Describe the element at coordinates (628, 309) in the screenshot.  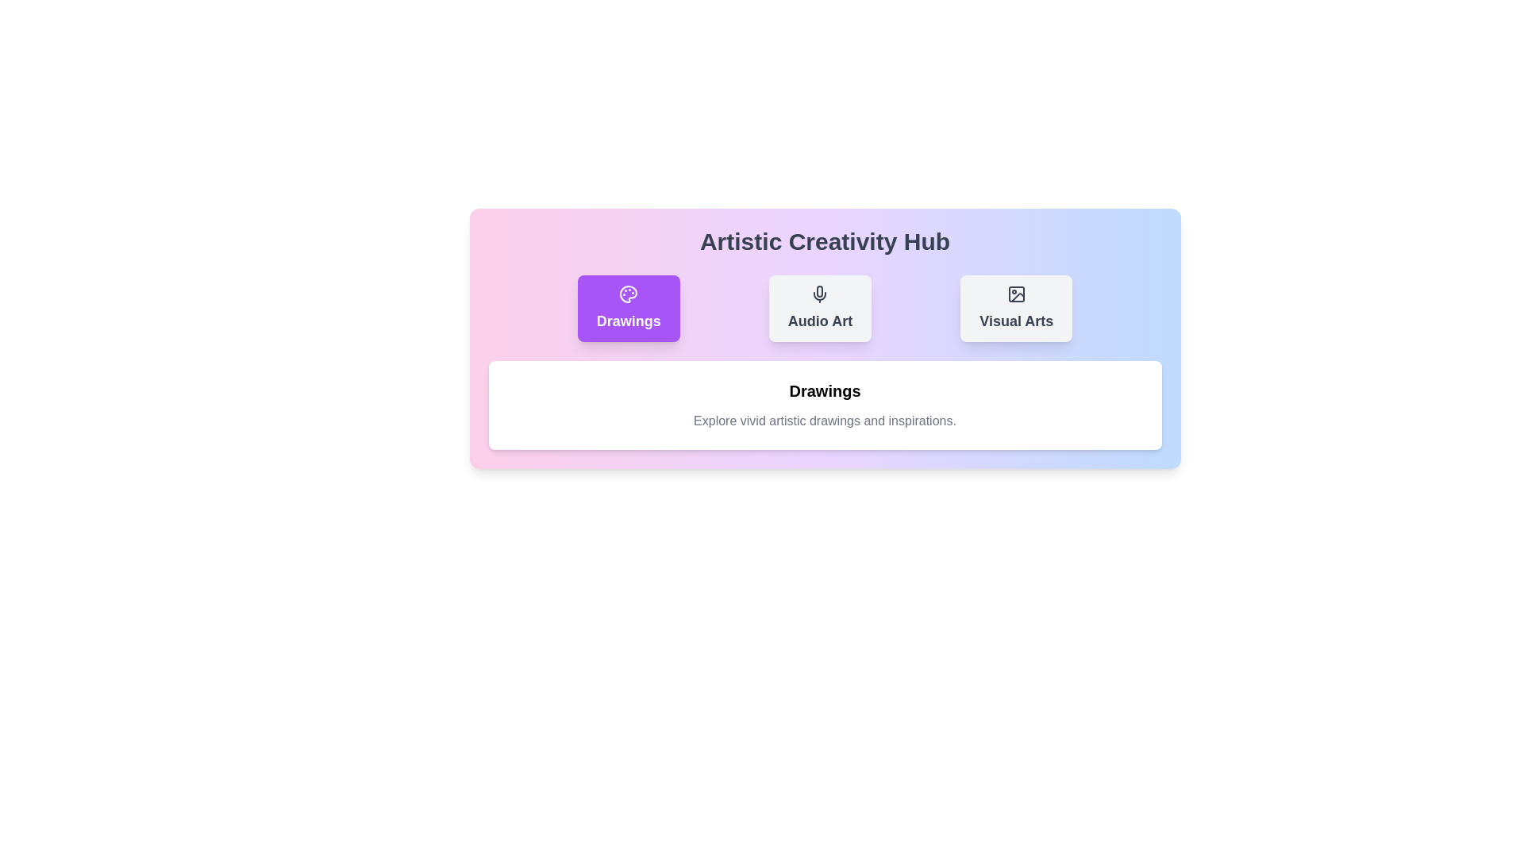
I see `the tab labeled Drawings` at that location.